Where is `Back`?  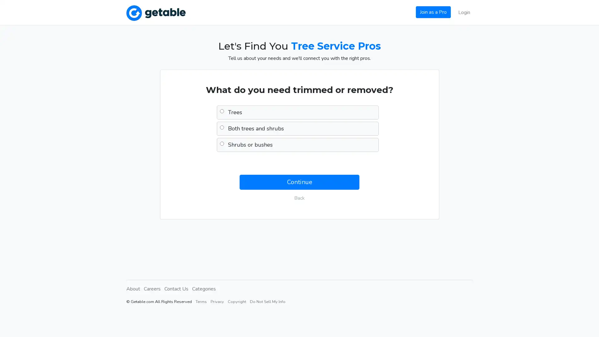 Back is located at coordinates (299, 198).